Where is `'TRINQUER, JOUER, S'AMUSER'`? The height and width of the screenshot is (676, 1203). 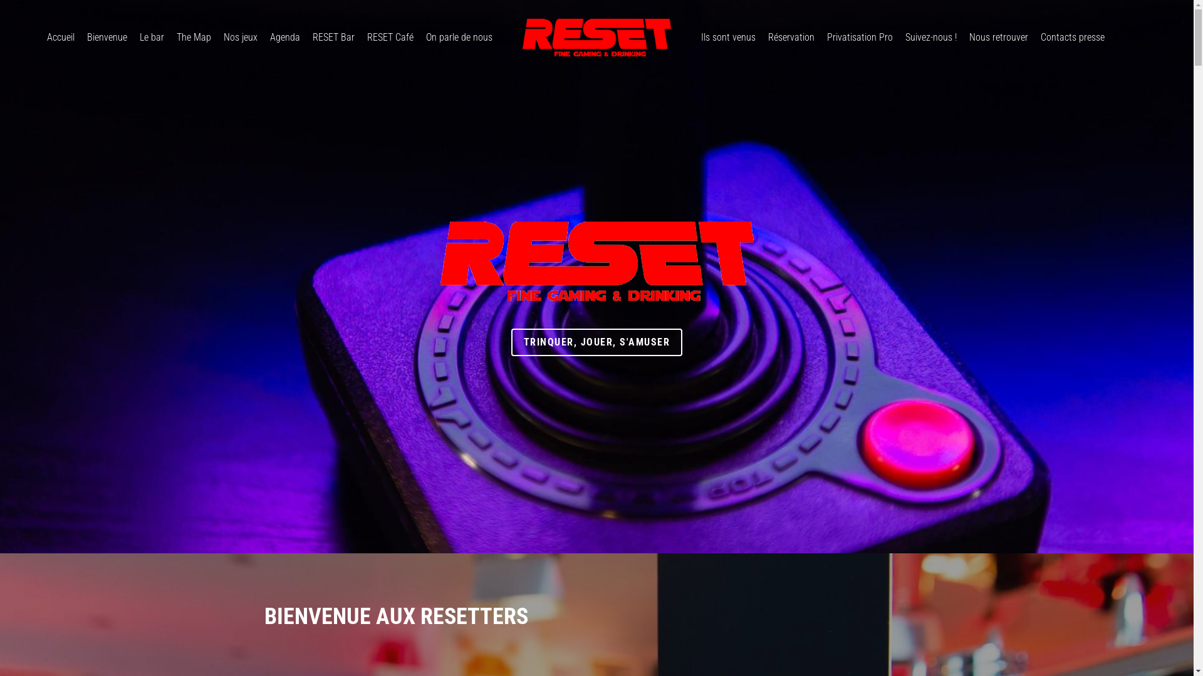 'TRINQUER, JOUER, S'AMUSER' is located at coordinates (596, 342).